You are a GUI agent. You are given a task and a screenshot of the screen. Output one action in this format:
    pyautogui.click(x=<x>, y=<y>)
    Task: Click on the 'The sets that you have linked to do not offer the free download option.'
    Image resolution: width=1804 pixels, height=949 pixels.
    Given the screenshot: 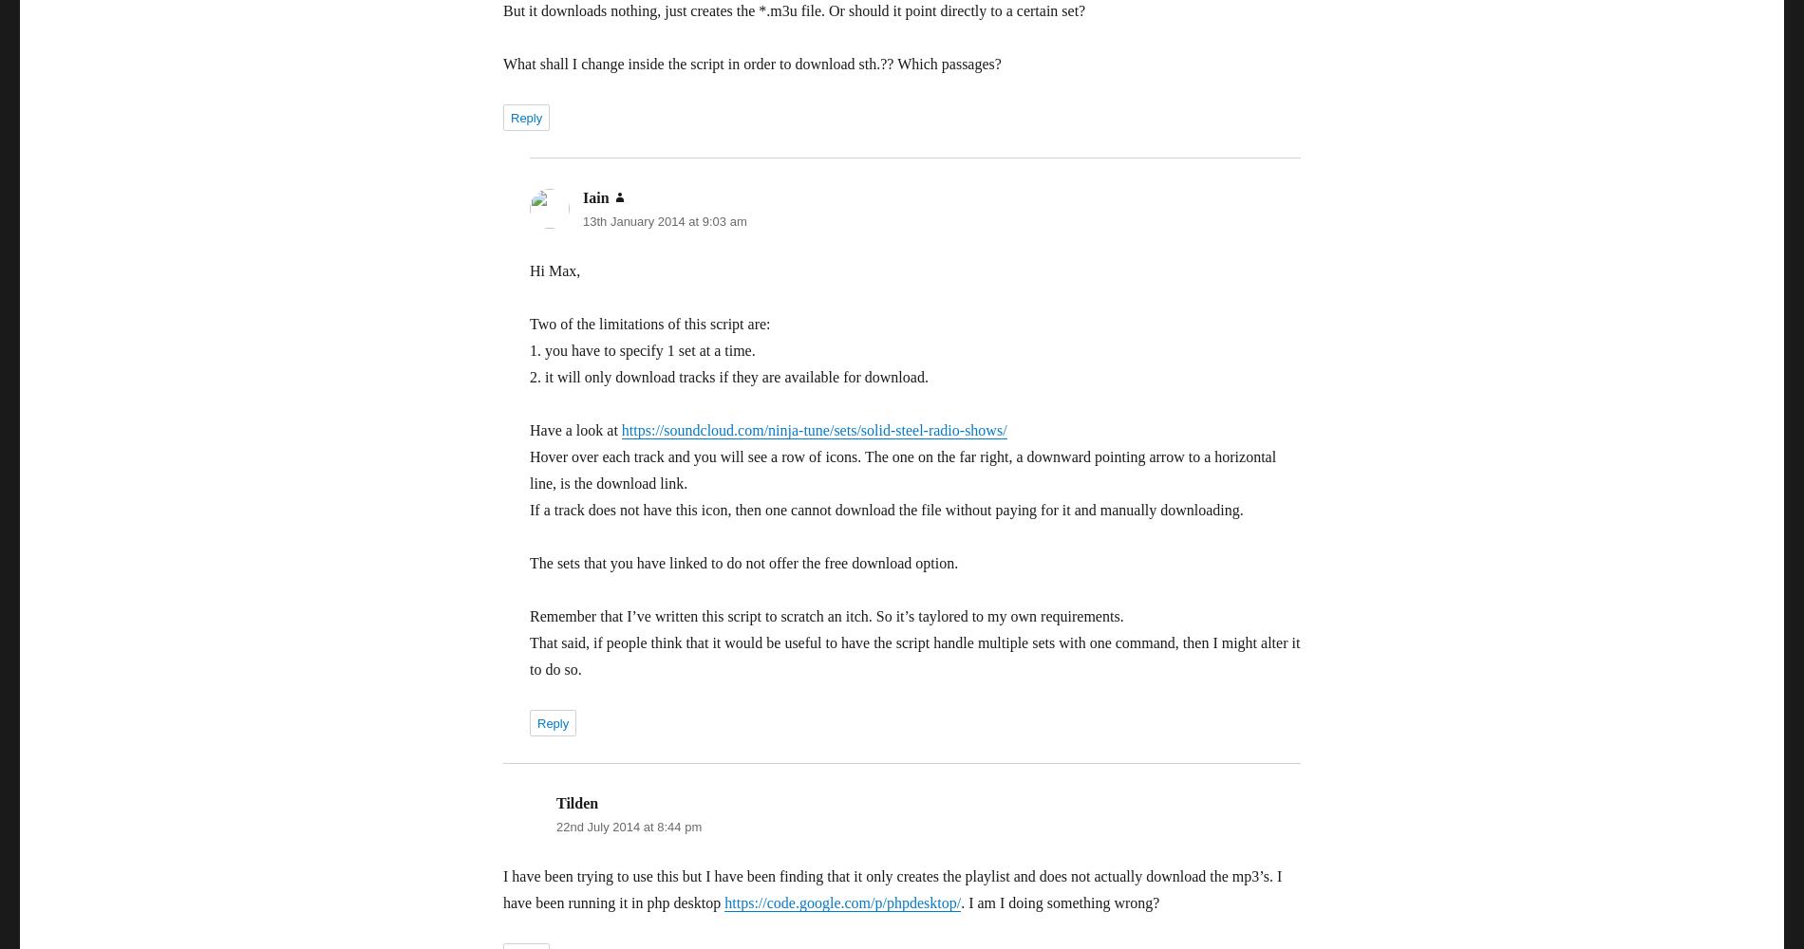 What is the action you would take?
    pyautogui.click(x=742, y=562)
    